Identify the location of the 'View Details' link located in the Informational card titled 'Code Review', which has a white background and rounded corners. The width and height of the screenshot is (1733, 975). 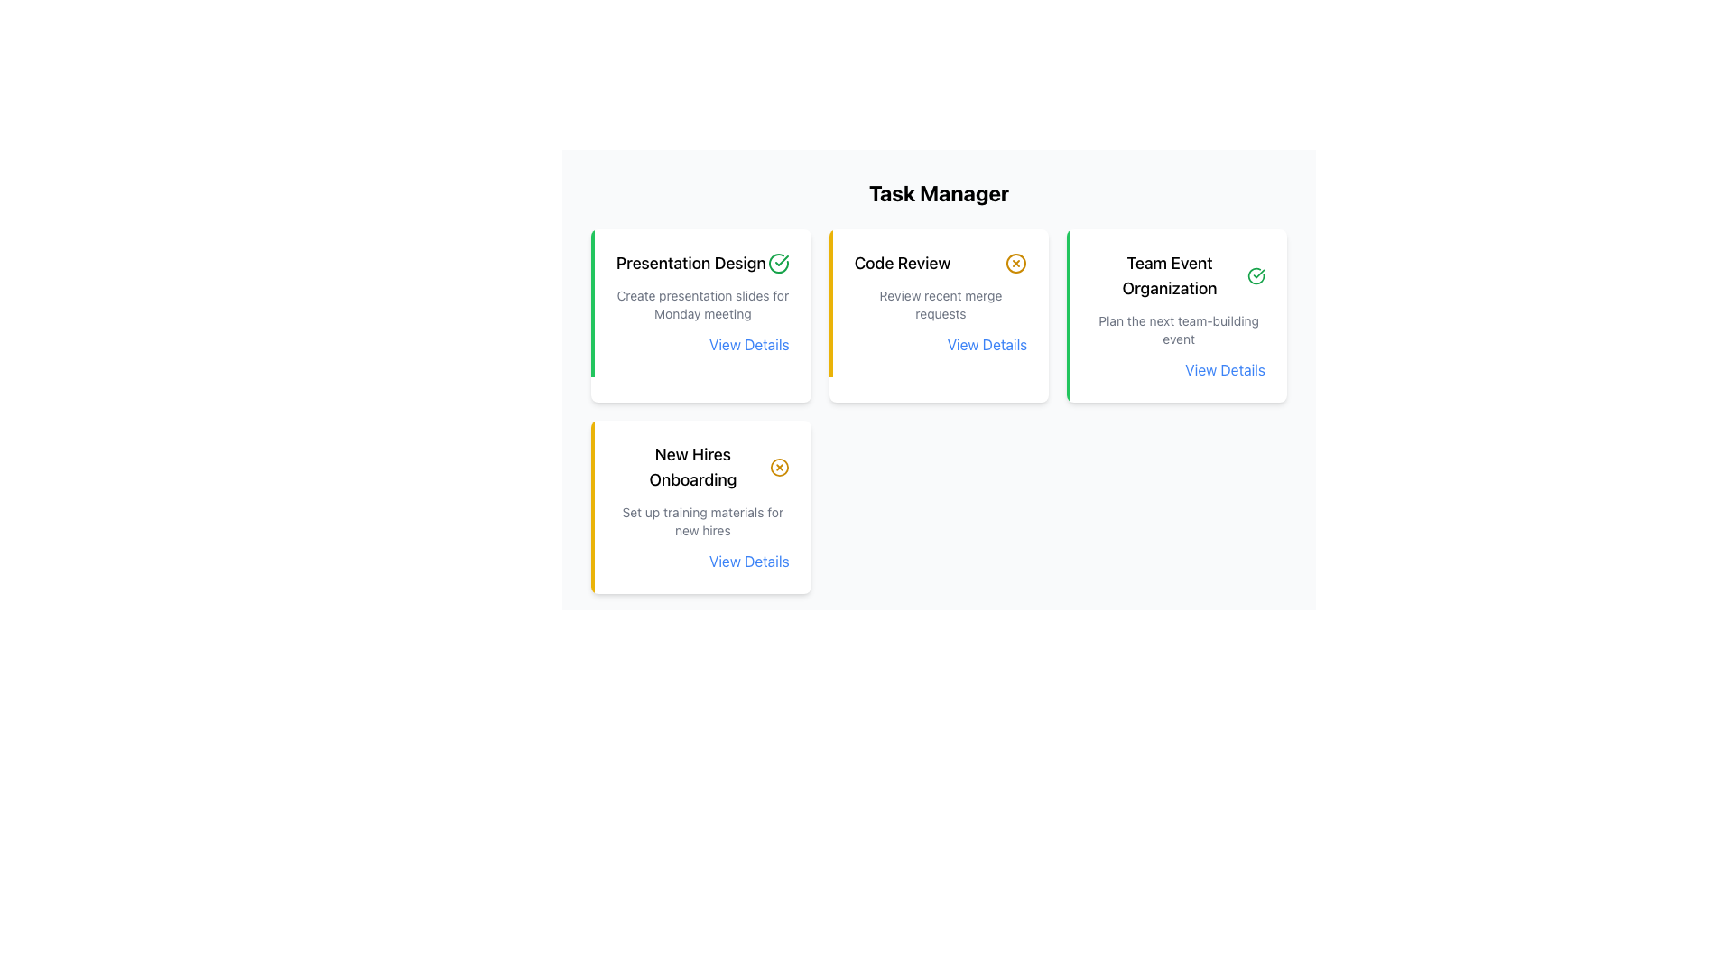
(939, 315).